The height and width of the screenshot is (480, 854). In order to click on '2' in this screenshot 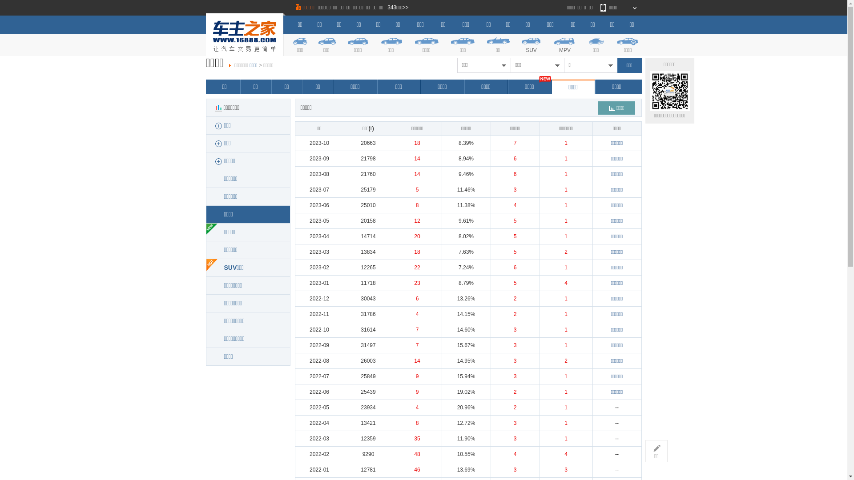, I will do `click(515, 298)`.